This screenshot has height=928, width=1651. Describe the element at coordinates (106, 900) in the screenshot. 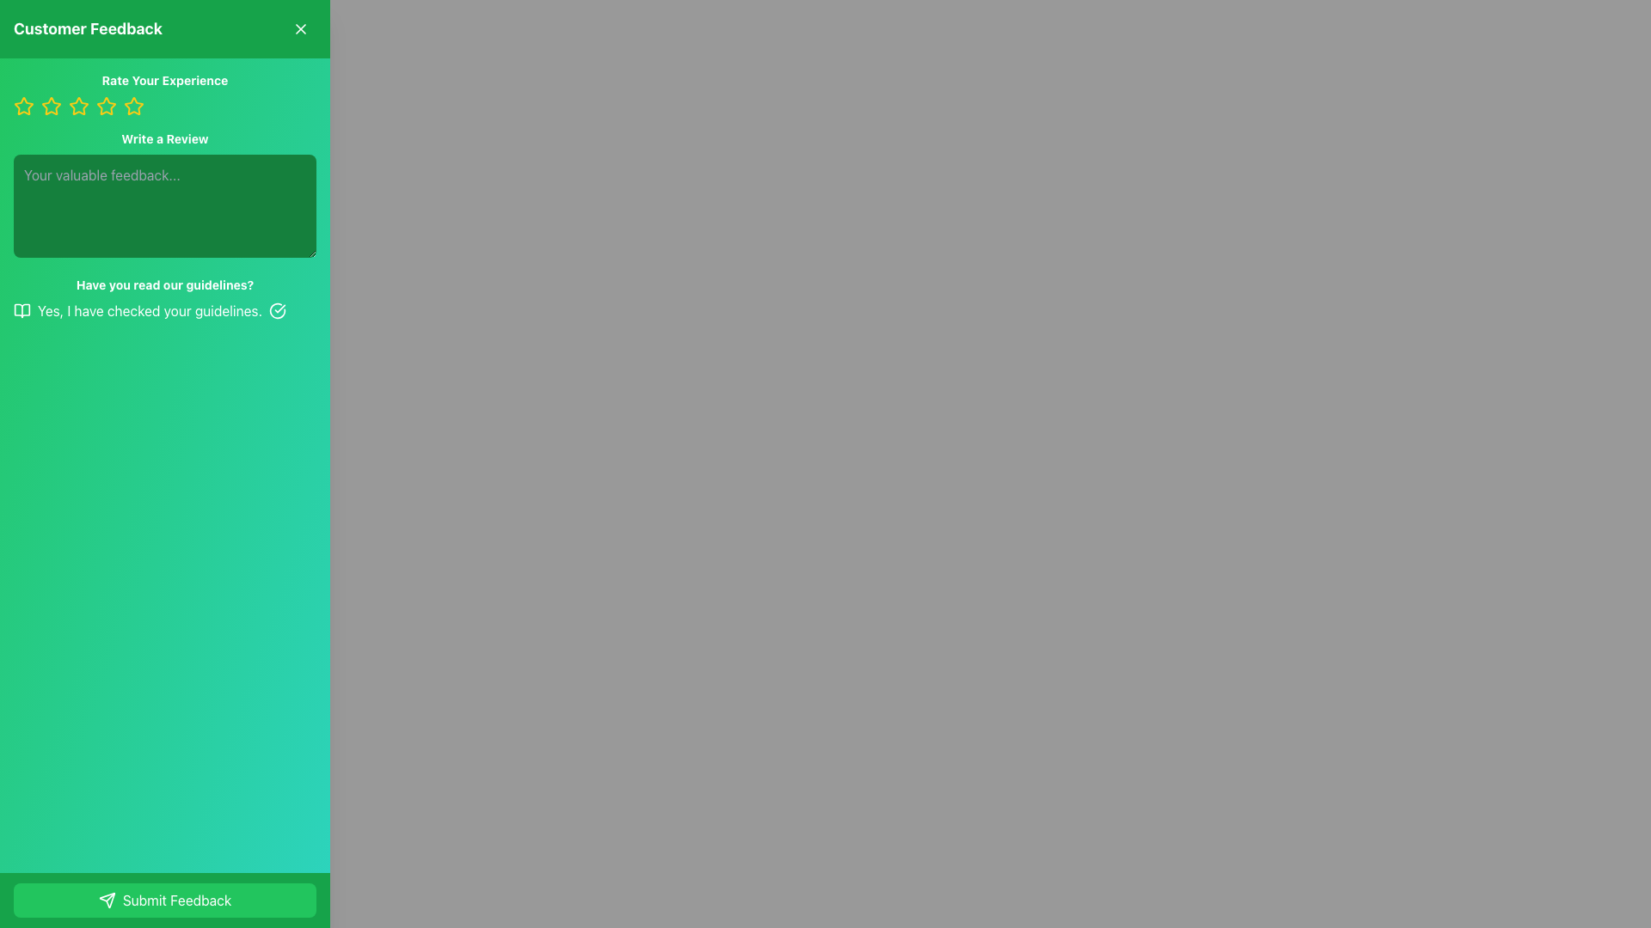

I see `the 'Submit Feedback' button by targeting the icon located to the left of the button text within the green button at the bottom of the interface` at that location.